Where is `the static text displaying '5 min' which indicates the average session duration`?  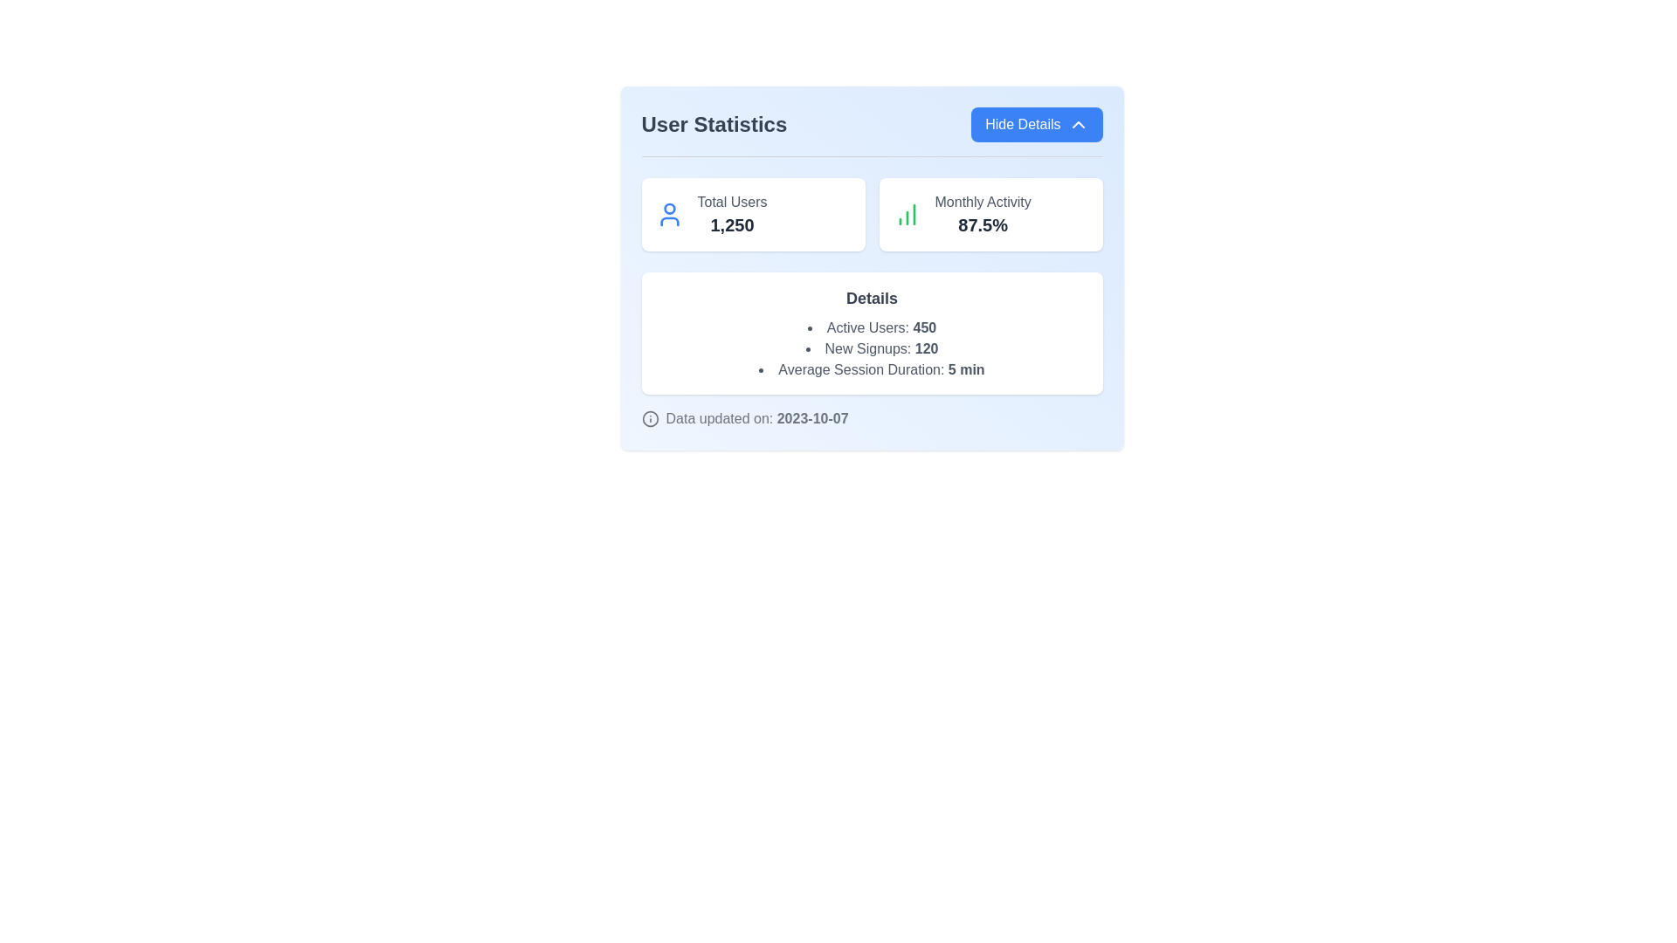
the static text displaying '5 min' which indicates the average session duration is located at coordinates (965, 368).